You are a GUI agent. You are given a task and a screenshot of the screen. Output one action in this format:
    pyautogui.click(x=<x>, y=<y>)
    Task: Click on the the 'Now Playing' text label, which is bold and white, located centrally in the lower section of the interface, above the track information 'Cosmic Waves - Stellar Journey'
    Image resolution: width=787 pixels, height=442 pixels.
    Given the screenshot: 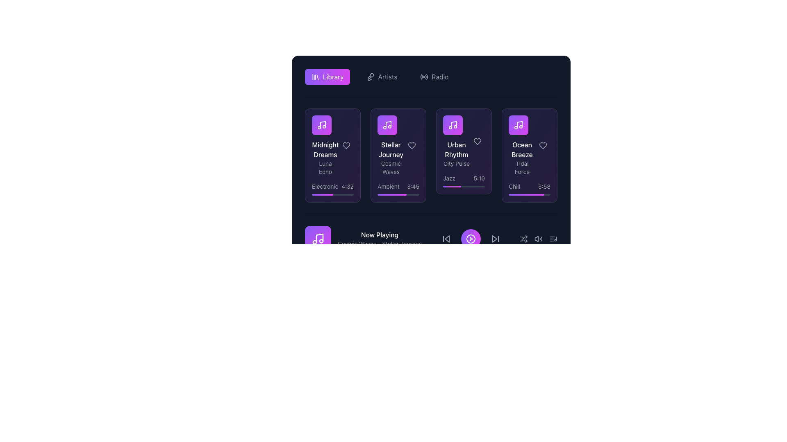 What is the action you would take?
    pyautogui.click(x=379, y=235)
    